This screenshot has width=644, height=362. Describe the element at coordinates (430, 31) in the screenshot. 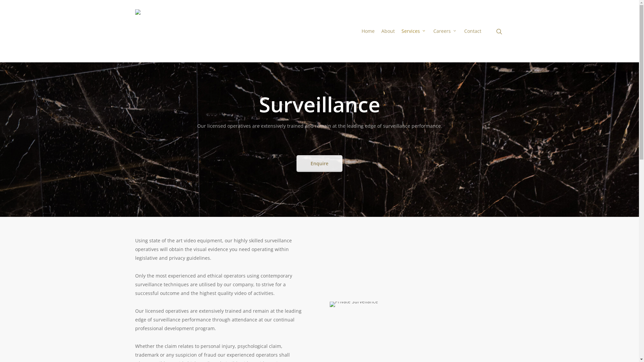

I see `'Careers'` at that location.